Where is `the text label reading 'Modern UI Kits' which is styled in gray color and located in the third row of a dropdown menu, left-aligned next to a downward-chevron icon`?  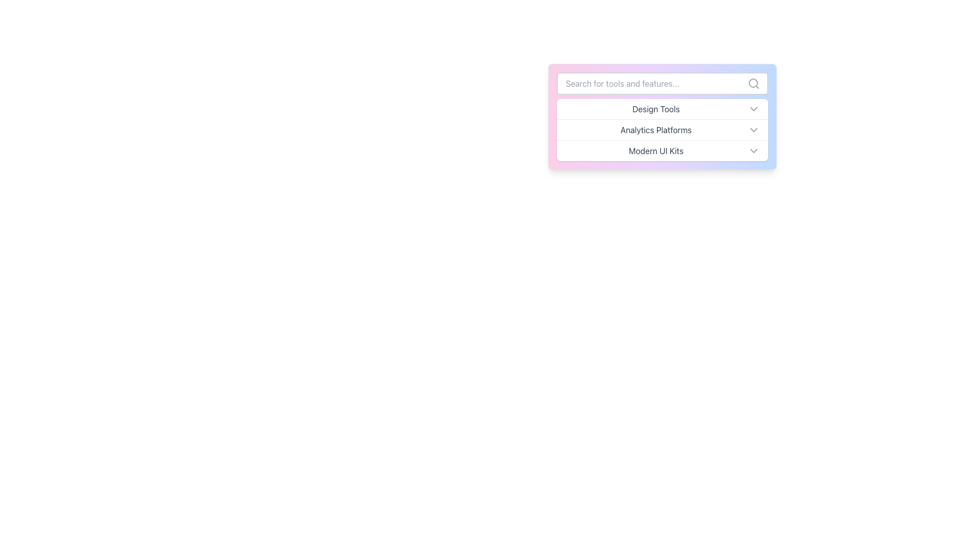 the text label reading 'Modern UI Kits' which is styled in gray color and located in the third row of a dropdown menu, left-aligned next to a downward-chevron icon is located at coordinates (656, 151).